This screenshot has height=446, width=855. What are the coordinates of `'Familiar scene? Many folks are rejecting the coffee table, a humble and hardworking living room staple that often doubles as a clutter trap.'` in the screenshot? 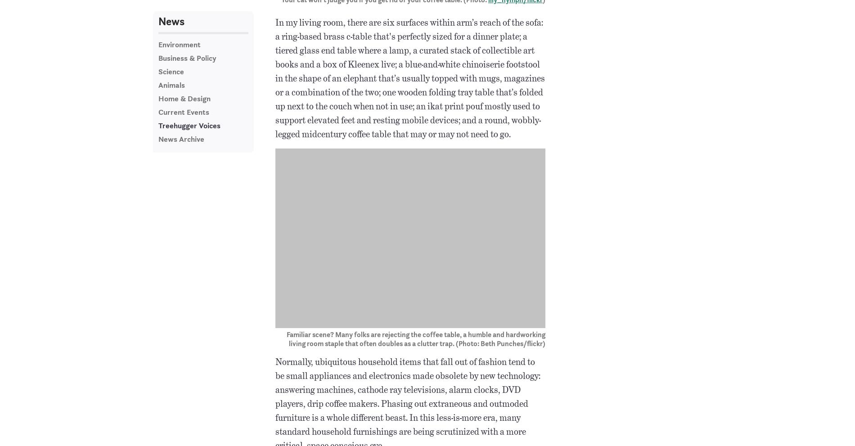 It's located at (415, 338).